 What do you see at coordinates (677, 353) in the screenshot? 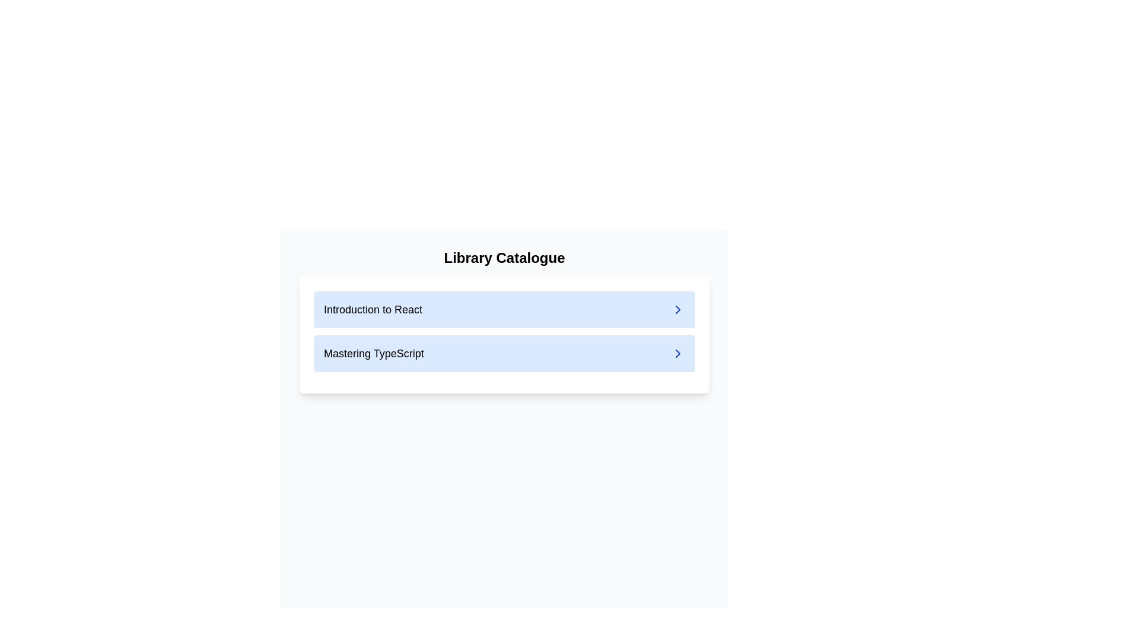
I see `the icon located at the far right of the row displaying 'Mastering TypeScript'` at bounding box center [677, 353].